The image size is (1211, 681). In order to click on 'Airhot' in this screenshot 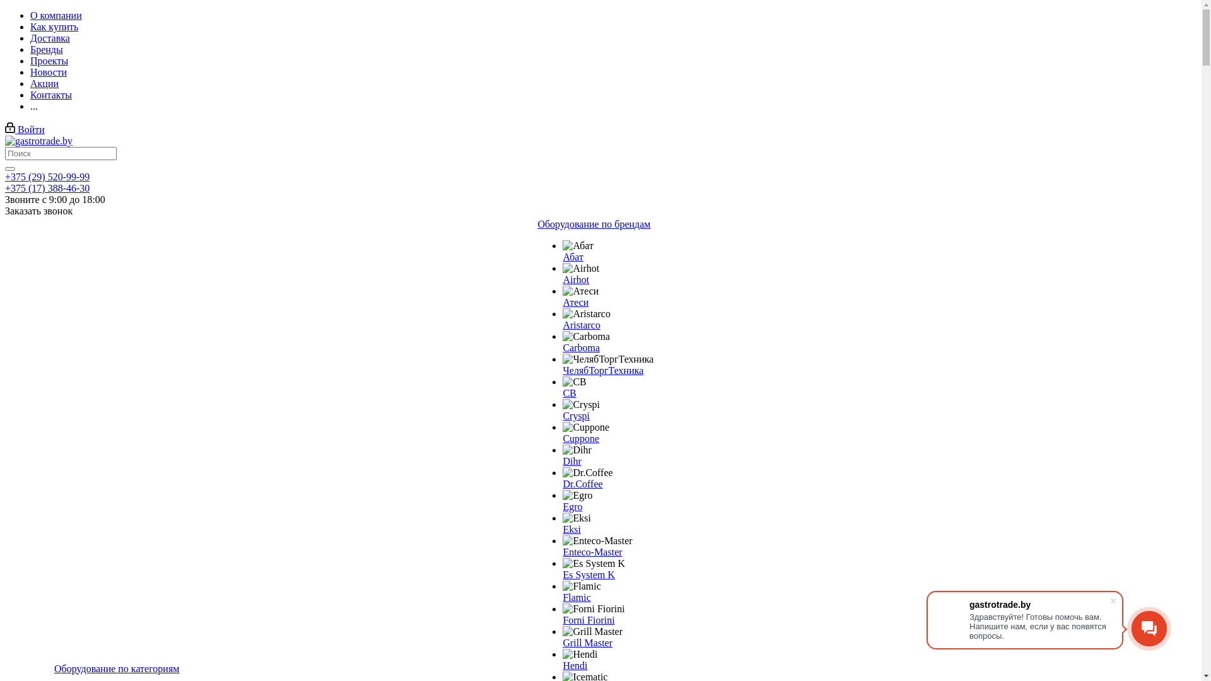, I will do `click(580, 267)`.